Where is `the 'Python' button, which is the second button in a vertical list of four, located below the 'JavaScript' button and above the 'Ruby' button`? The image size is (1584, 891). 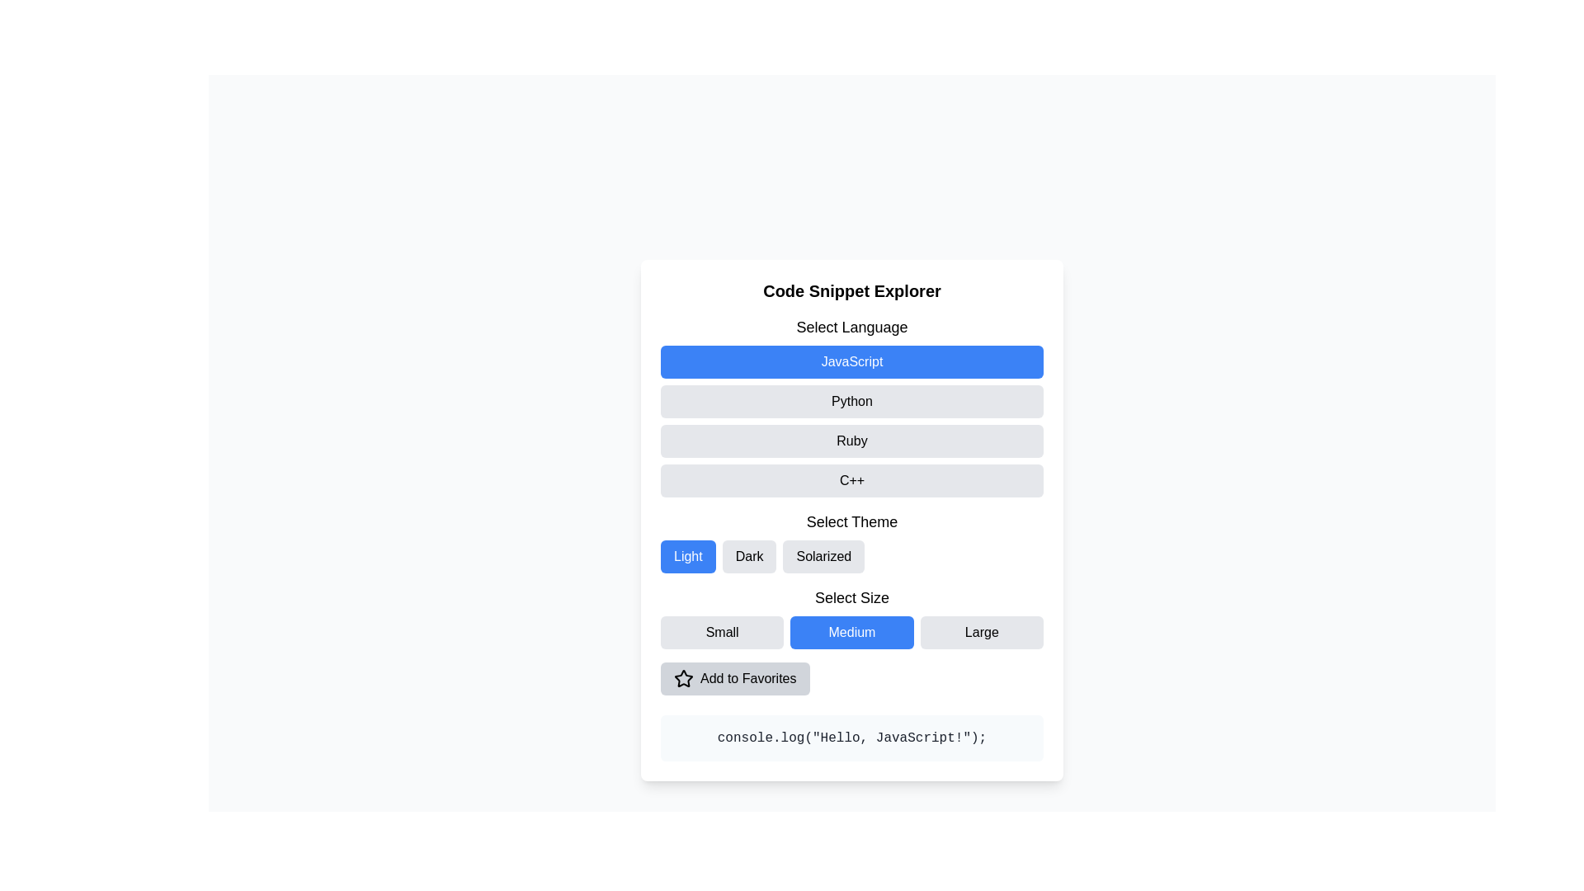
the 'Python' button, which is the second button in a vertical list of four, located below the 'JavaScript' button and above the 'Ruby' button is located at coordinates (851, 401).